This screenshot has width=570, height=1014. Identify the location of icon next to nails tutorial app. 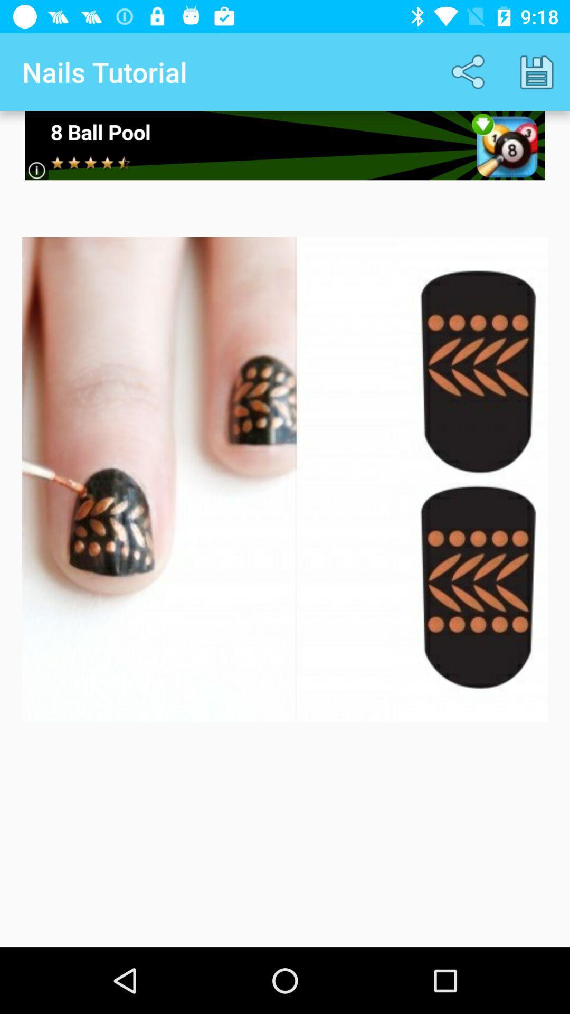
(470, 71).